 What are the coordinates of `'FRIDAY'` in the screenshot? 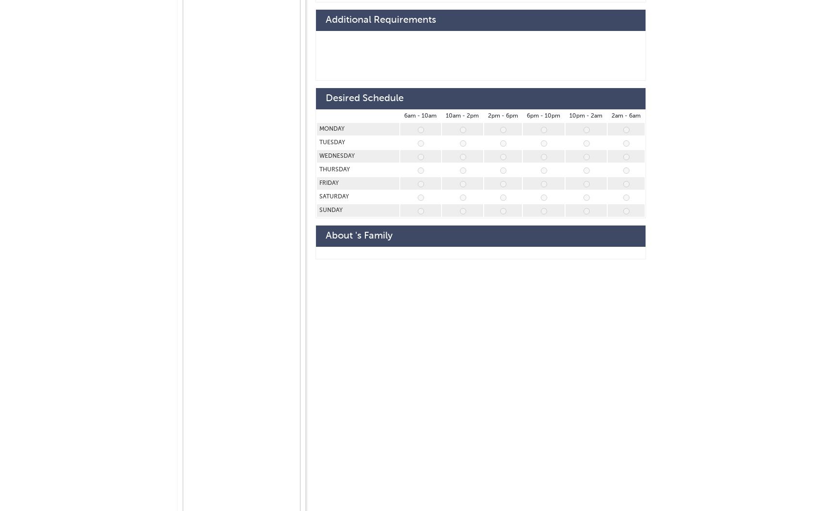 It's located at (330, 182).